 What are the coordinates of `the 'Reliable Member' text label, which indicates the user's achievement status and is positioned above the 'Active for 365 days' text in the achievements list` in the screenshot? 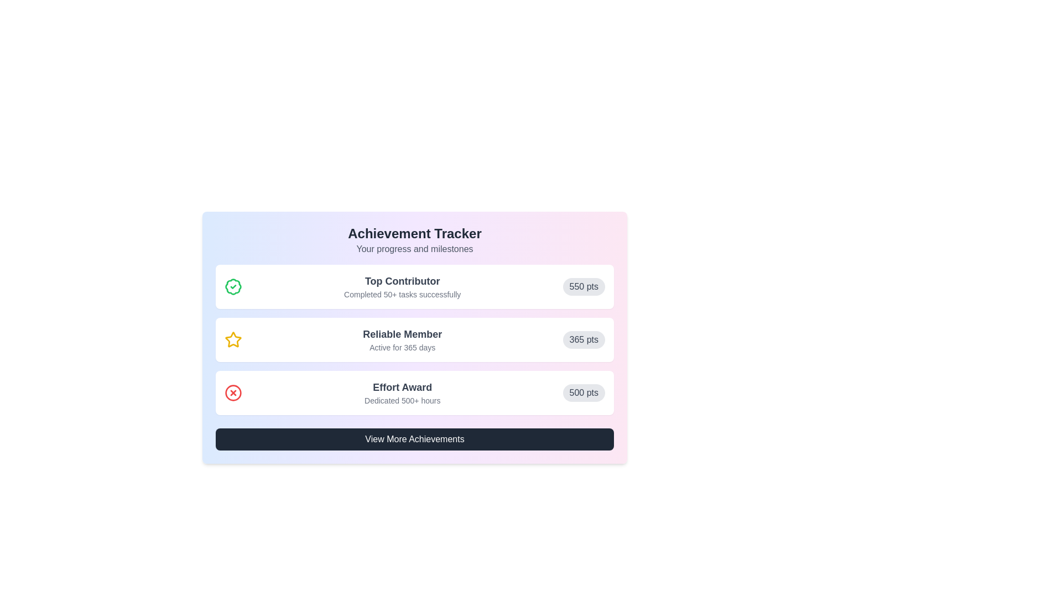 It's located at (402, 334).